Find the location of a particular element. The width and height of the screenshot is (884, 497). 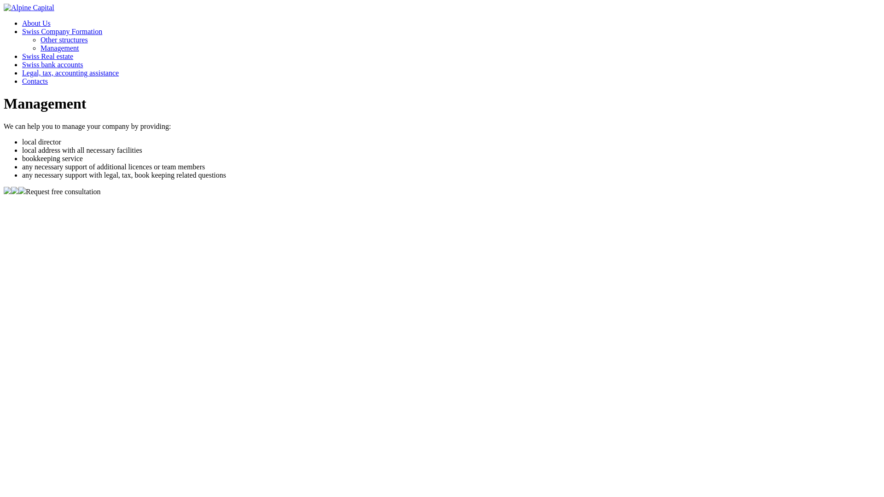

'Swiss Company Formation' is located at coordinates (22, 31).